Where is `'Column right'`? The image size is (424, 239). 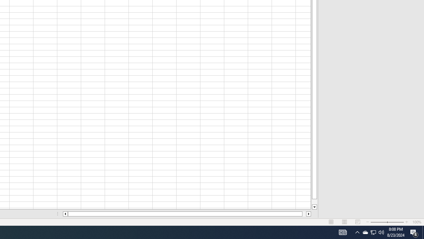 'Column right' is located at coordinates (308, 214).